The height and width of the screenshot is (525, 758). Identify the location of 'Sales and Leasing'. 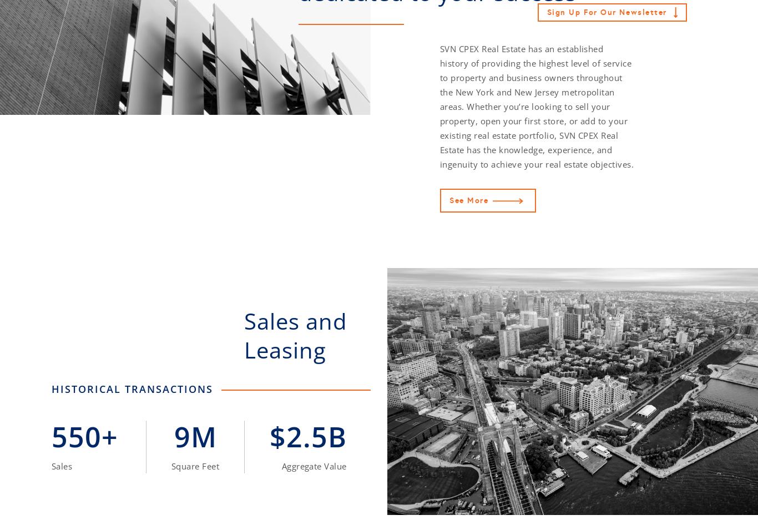
(295, 335).